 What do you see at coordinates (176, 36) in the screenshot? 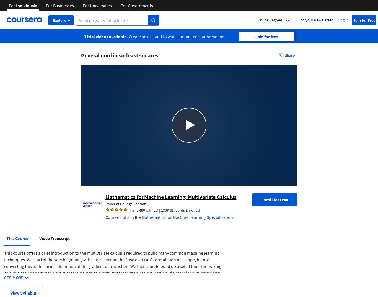
I see `'Create an account to watch unlimited course videos.'` at bounding box center [176, 36].